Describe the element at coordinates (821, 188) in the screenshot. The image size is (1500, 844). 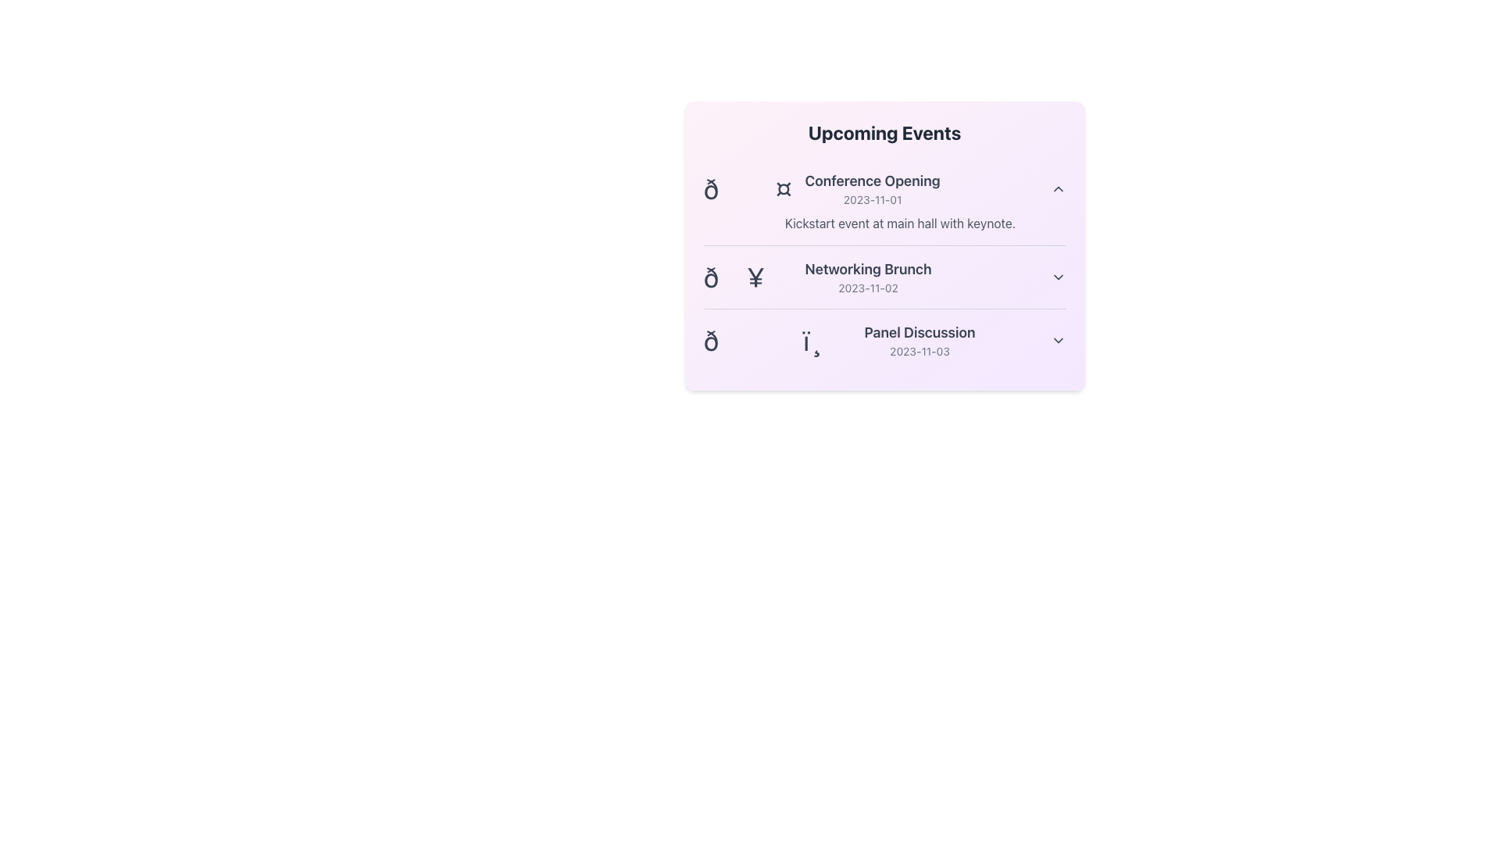
I see `the event list item displaying event details at the top of the 'Upcoming Events' card` at that location.